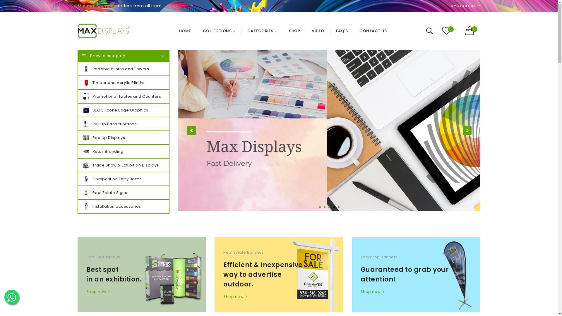 This screenshot has height=316, width=562. I want to click on 'CONTACT US', so click(353, 31).